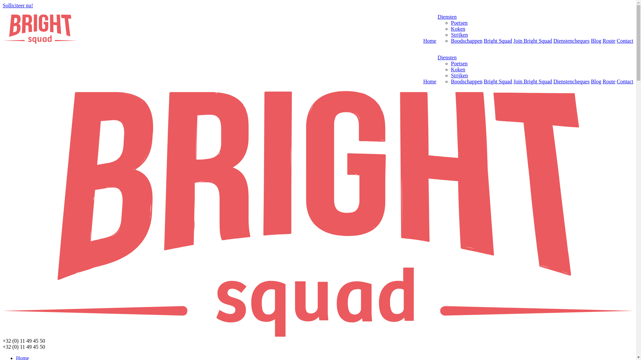 The width and height of the screenshot is (641, 360). Describe the element at coordinates (484, 41) in the screenshot. I see `'Bright Squad'` at that location.